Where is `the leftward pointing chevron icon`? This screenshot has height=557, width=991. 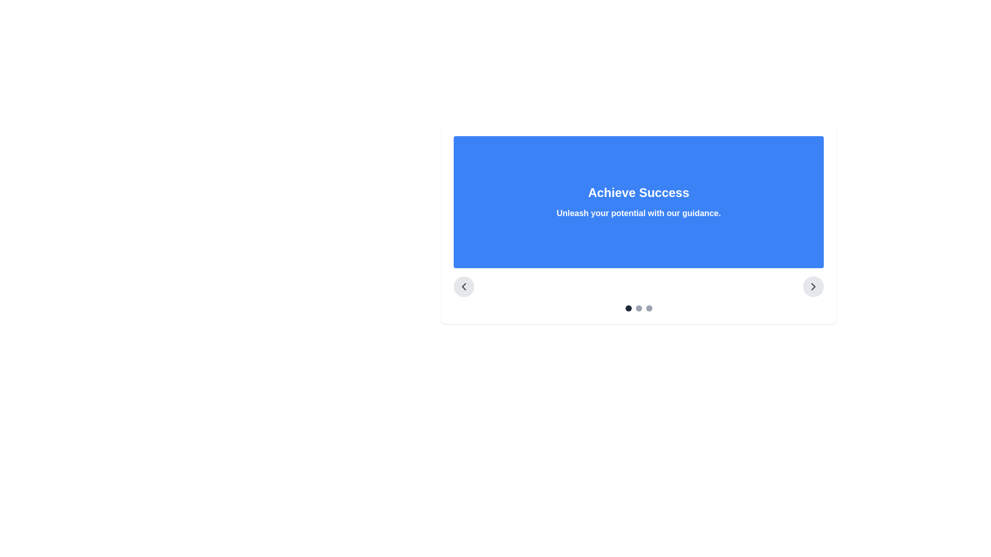 the leftward pointing chevron icon is located at coordinates (463, 286).